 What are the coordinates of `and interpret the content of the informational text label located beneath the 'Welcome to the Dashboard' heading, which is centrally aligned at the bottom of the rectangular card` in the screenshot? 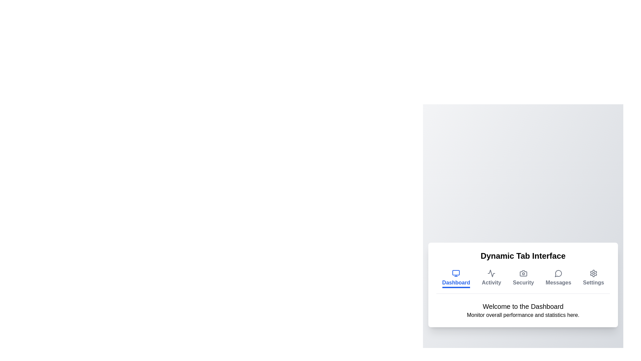 It's located at (522, 315).